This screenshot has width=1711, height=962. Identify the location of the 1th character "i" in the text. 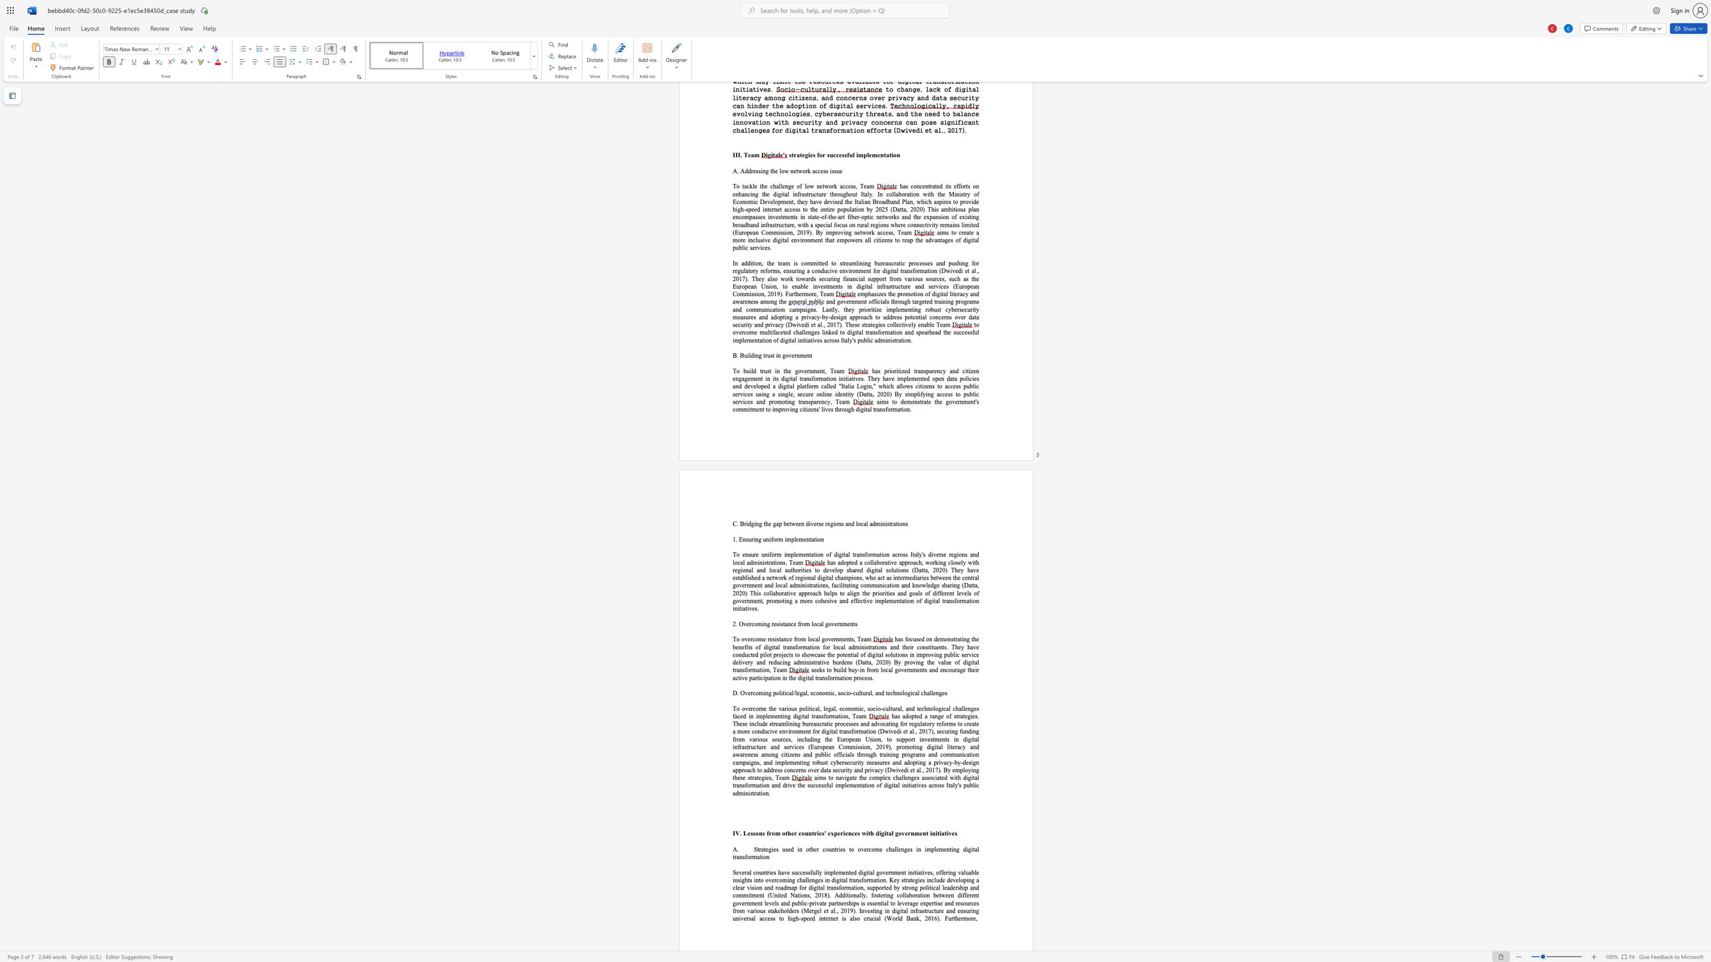
(755, 910).